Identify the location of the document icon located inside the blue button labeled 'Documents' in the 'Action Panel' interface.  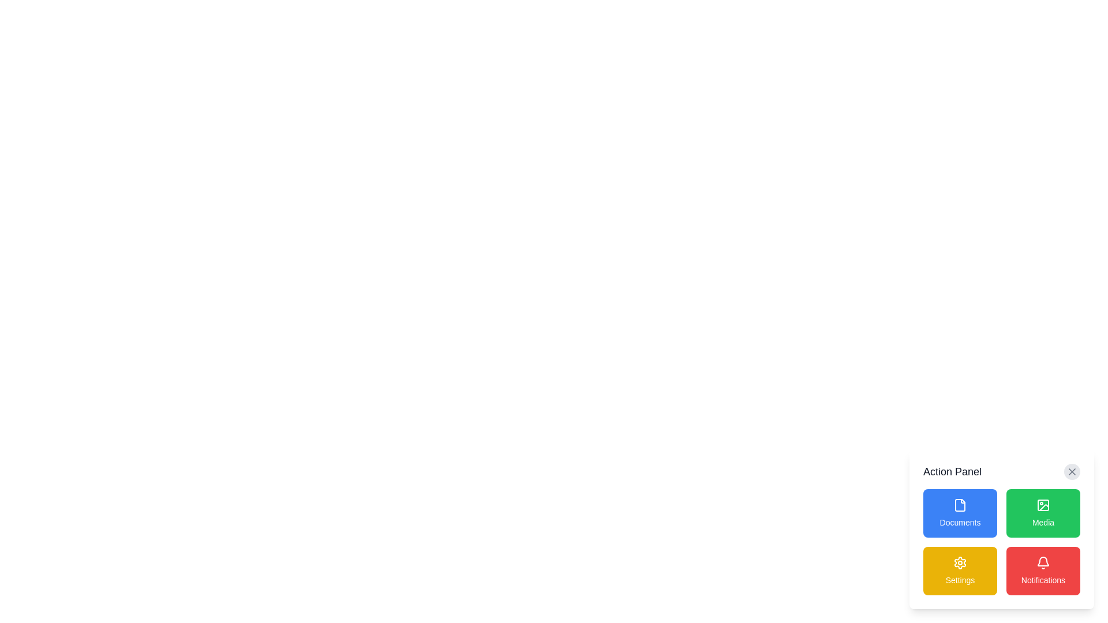
(960, 504).